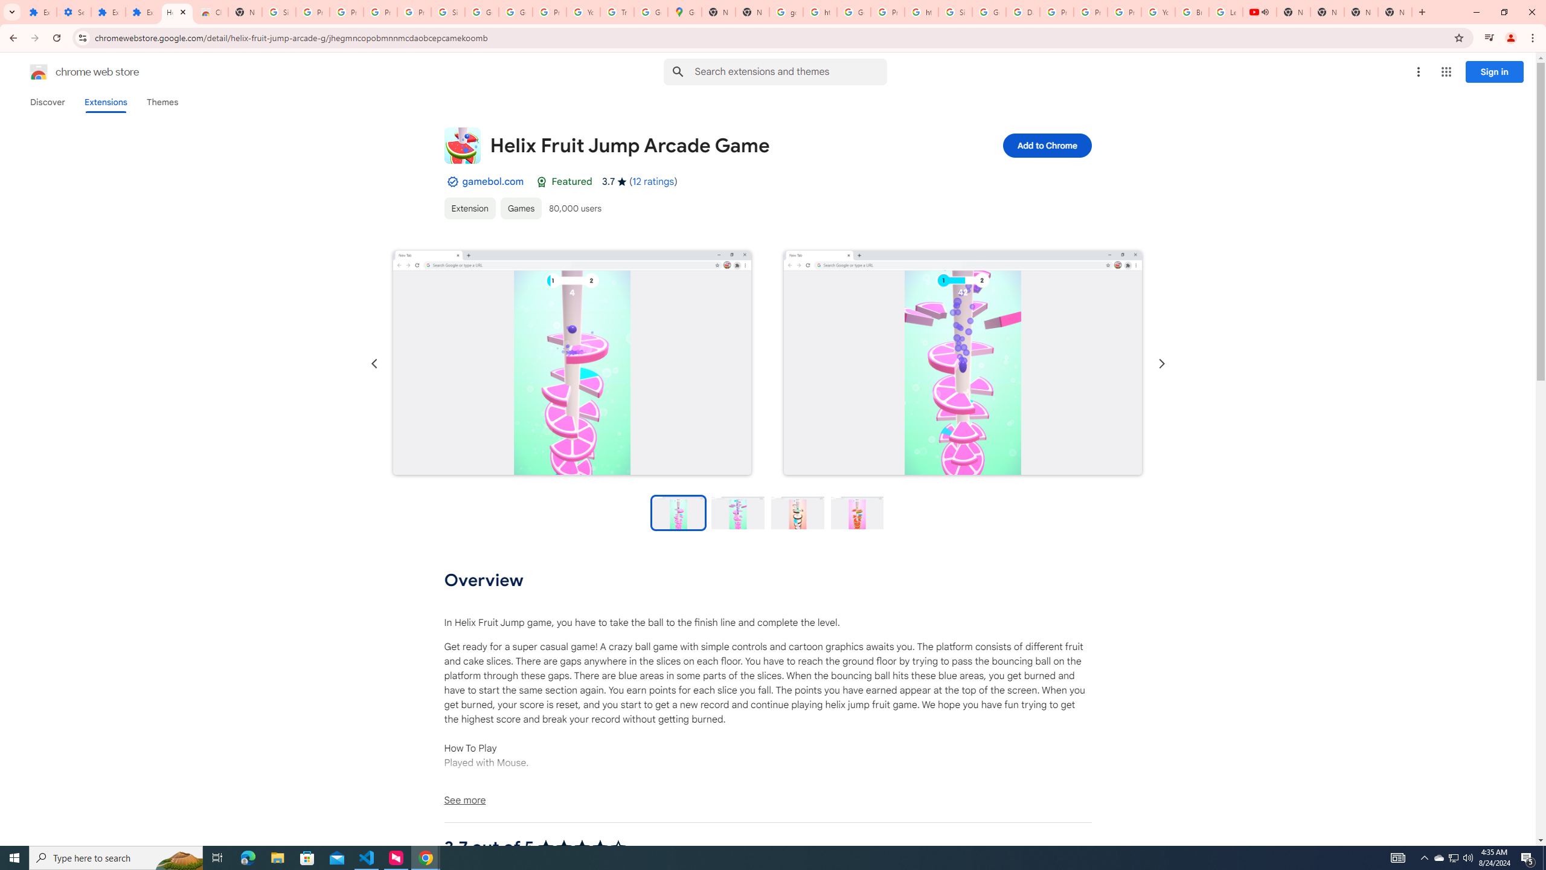  I want to click on 'Item media 2 screenshot', so click(962, 362).